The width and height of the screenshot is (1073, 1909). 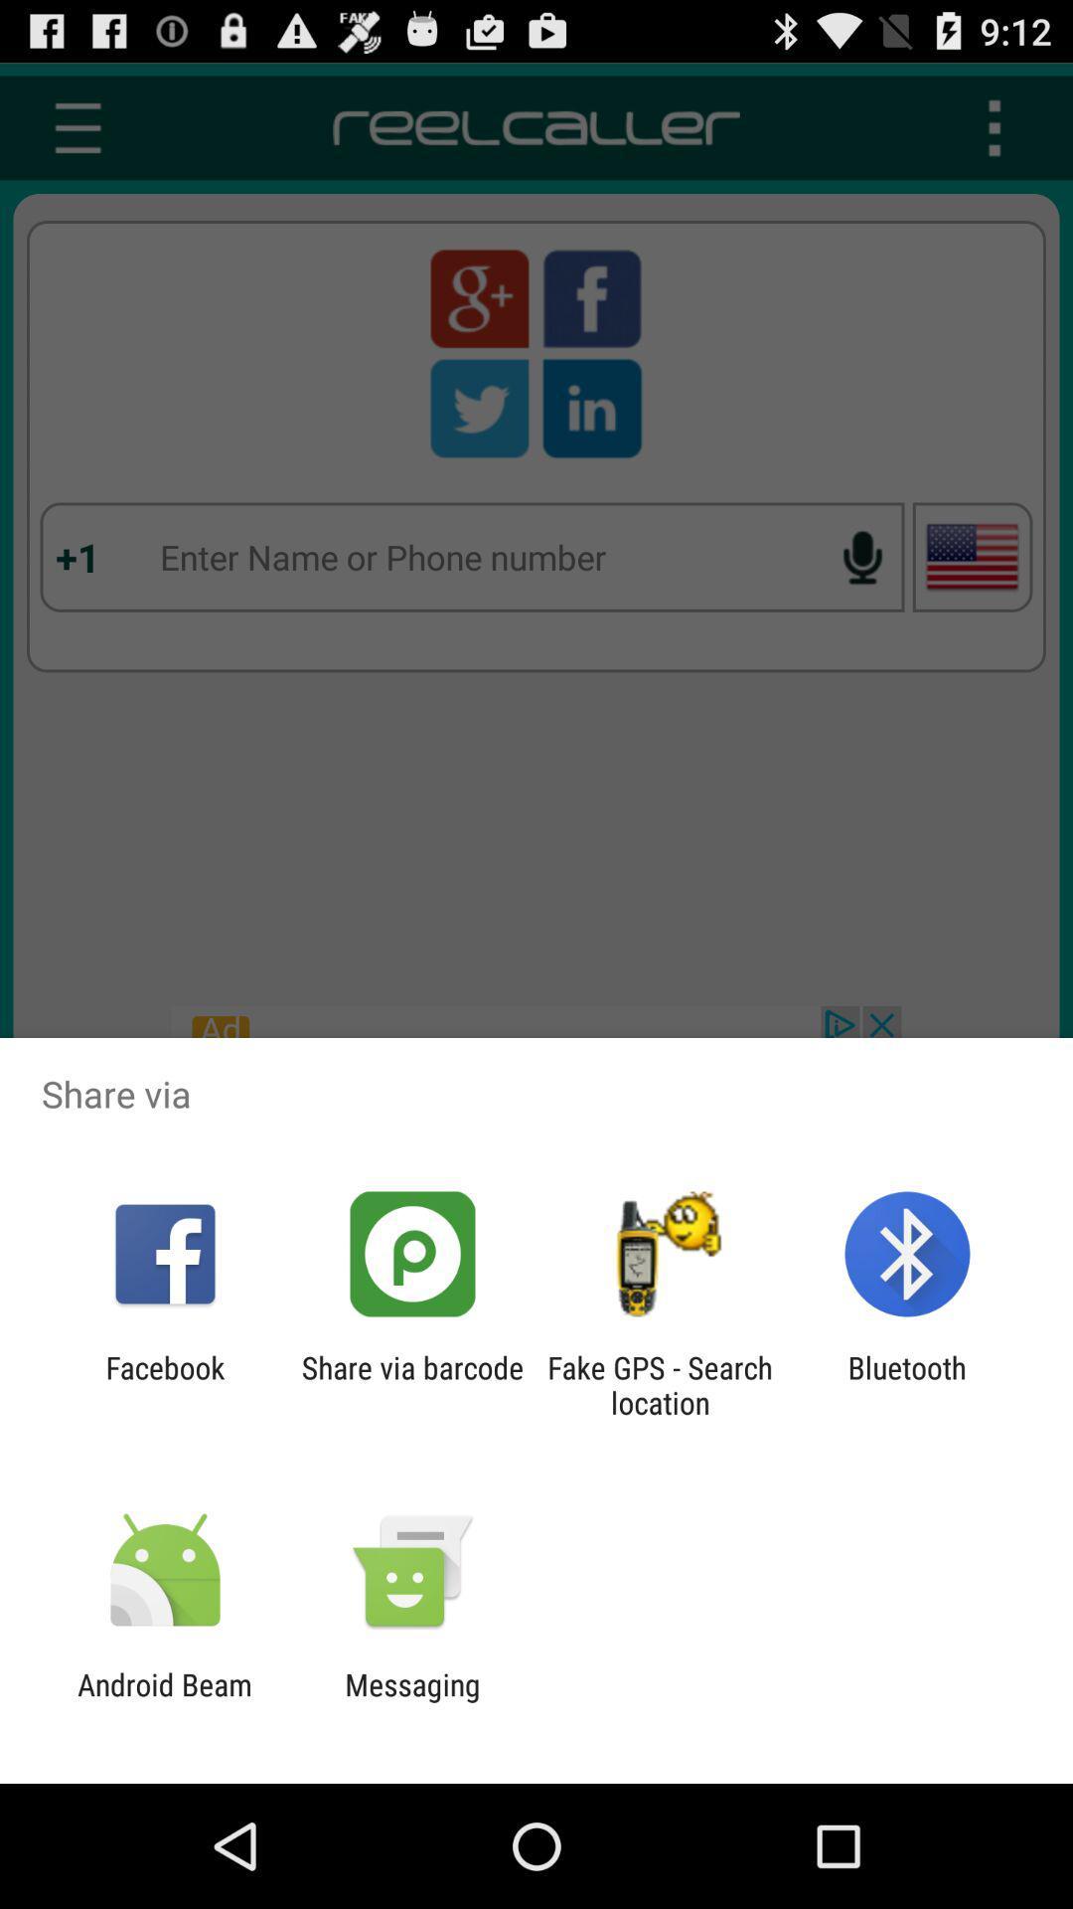 What do you see at coordinates (660, 1384) in the screenshot?
I see `the fake gps search app` at bounding box center [660, 1384].